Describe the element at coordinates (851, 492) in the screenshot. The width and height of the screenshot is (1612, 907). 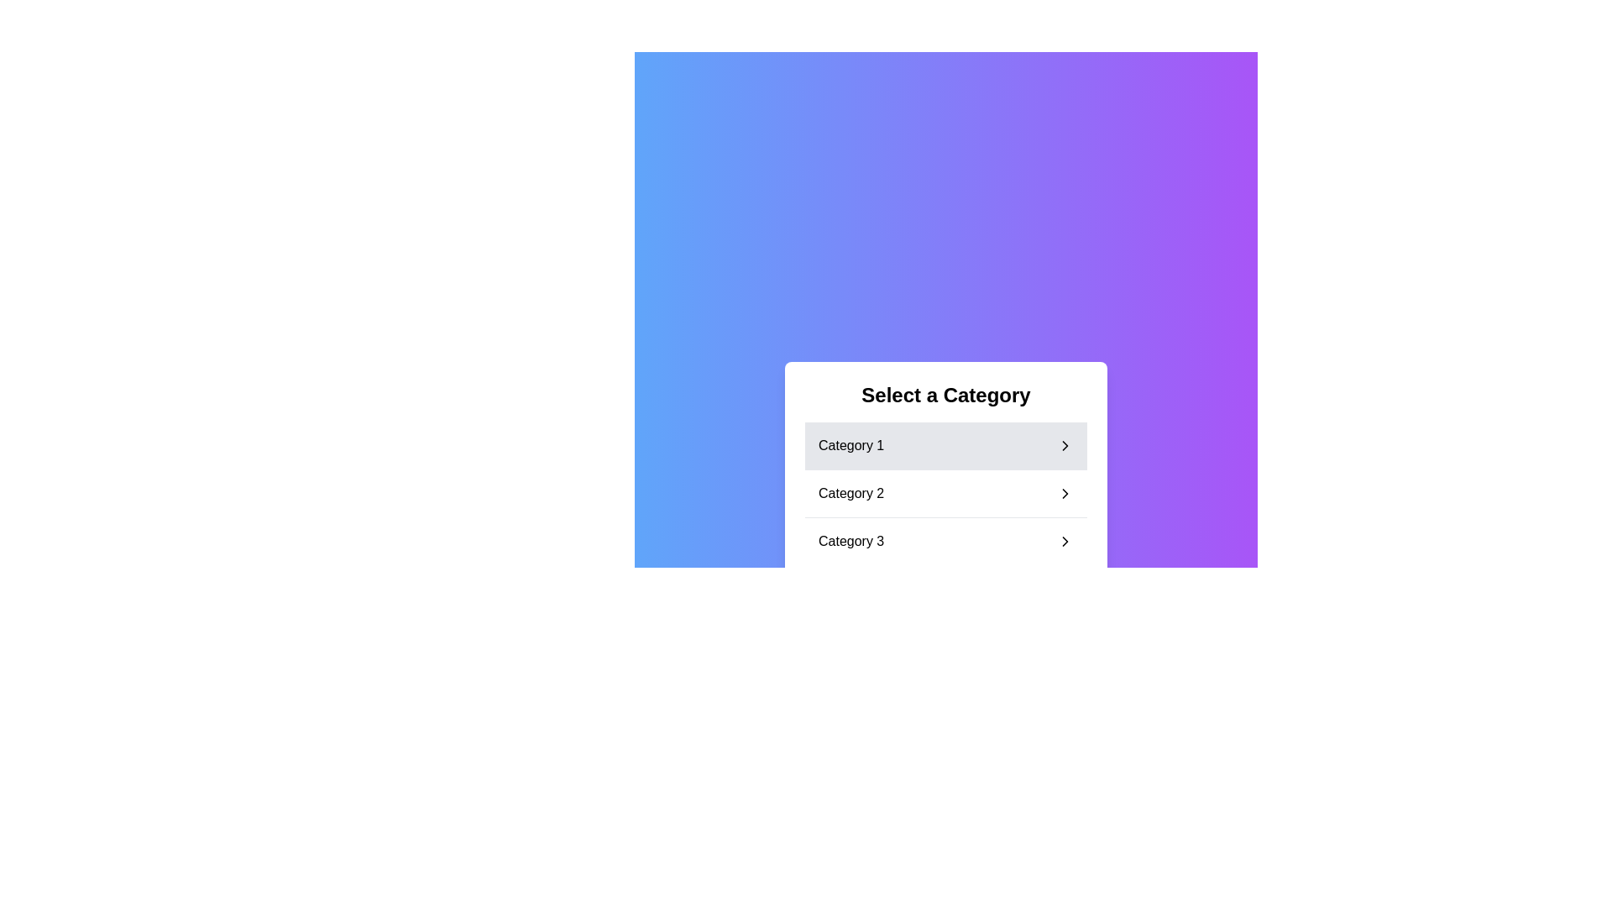
I see `the text label displaying 'Category 2'` at that location.